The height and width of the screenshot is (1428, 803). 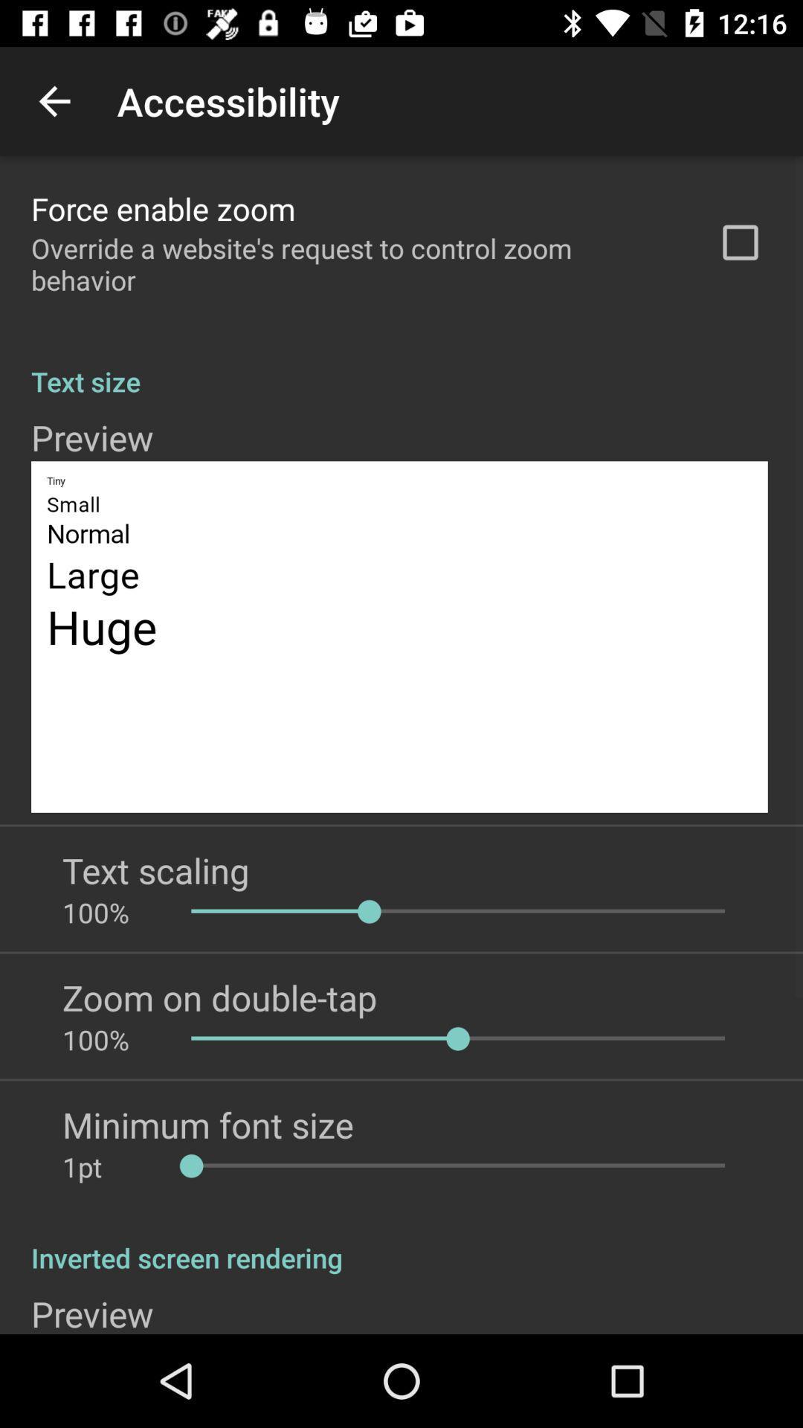 I want to click on the  box which is beside to force enable zoom, so click(x=740, y=242).